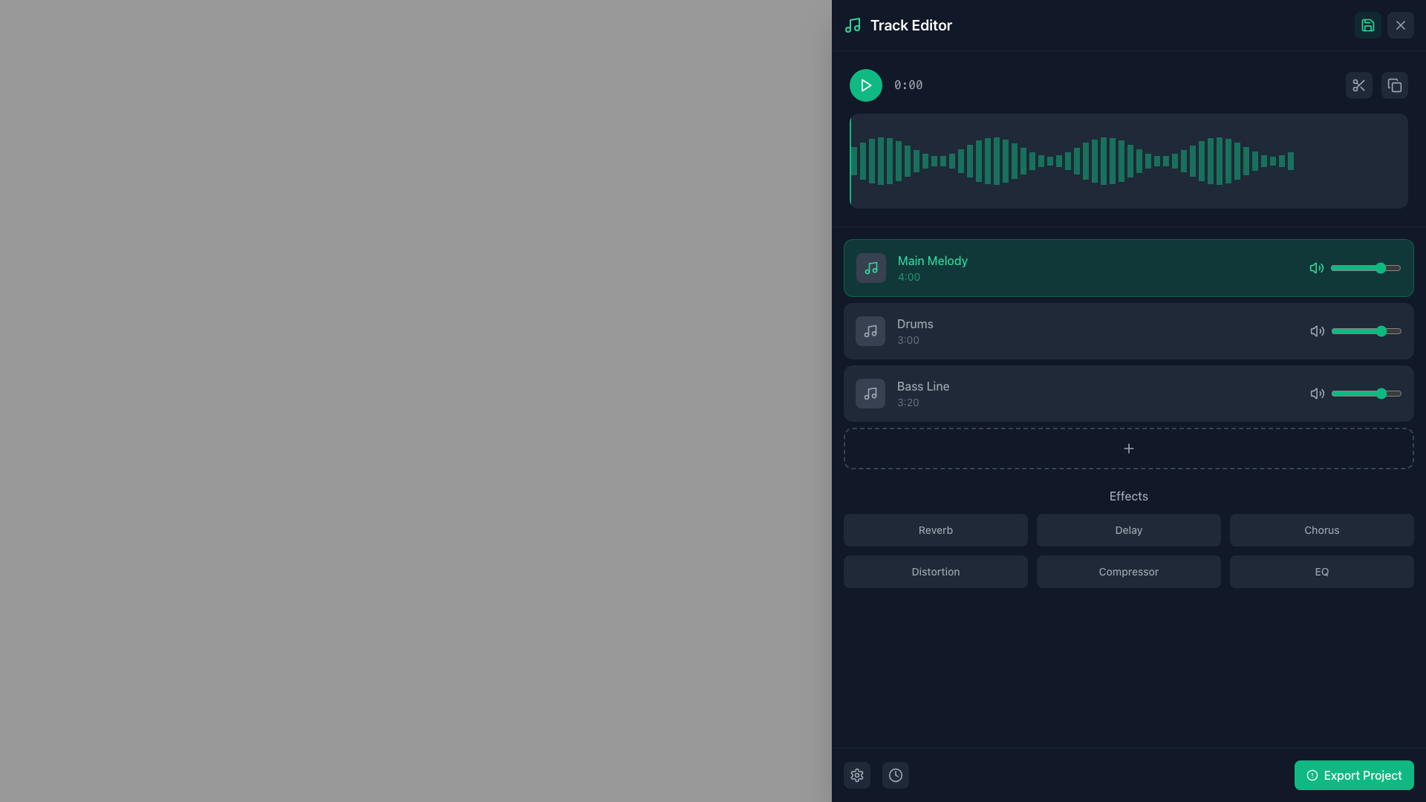  What do you see at coordinates (872, 160) in the screenshot?
I see `the third vertical rectangular bar styled with a semi-transparent emerald green color in the waveform UI, representing the audio signal's amplitude` at bounding box center [872, 160].